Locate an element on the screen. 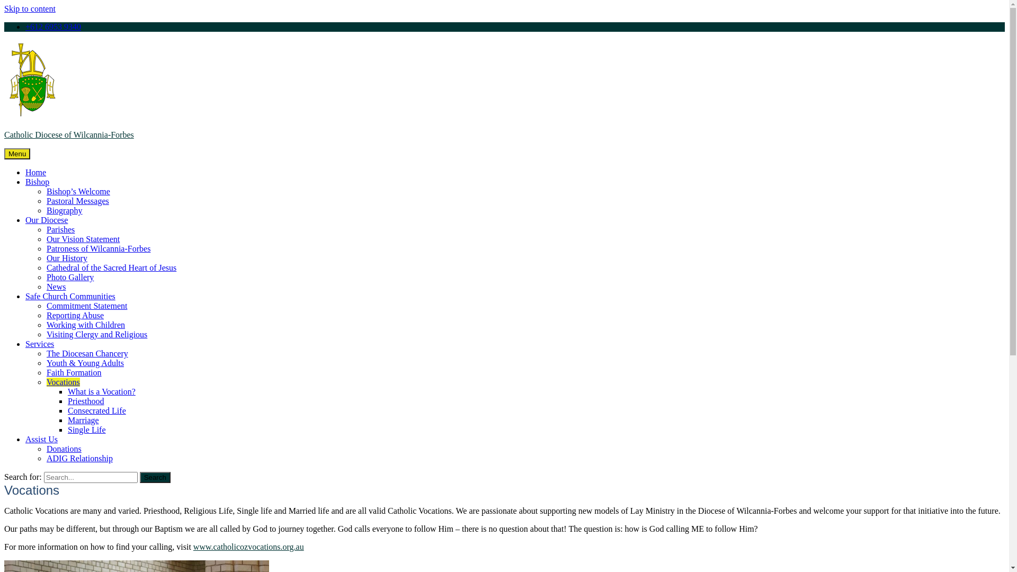 The width and height of the screenshot is (1017, 572). 'Bishop' is located at coordinates (37, 181).